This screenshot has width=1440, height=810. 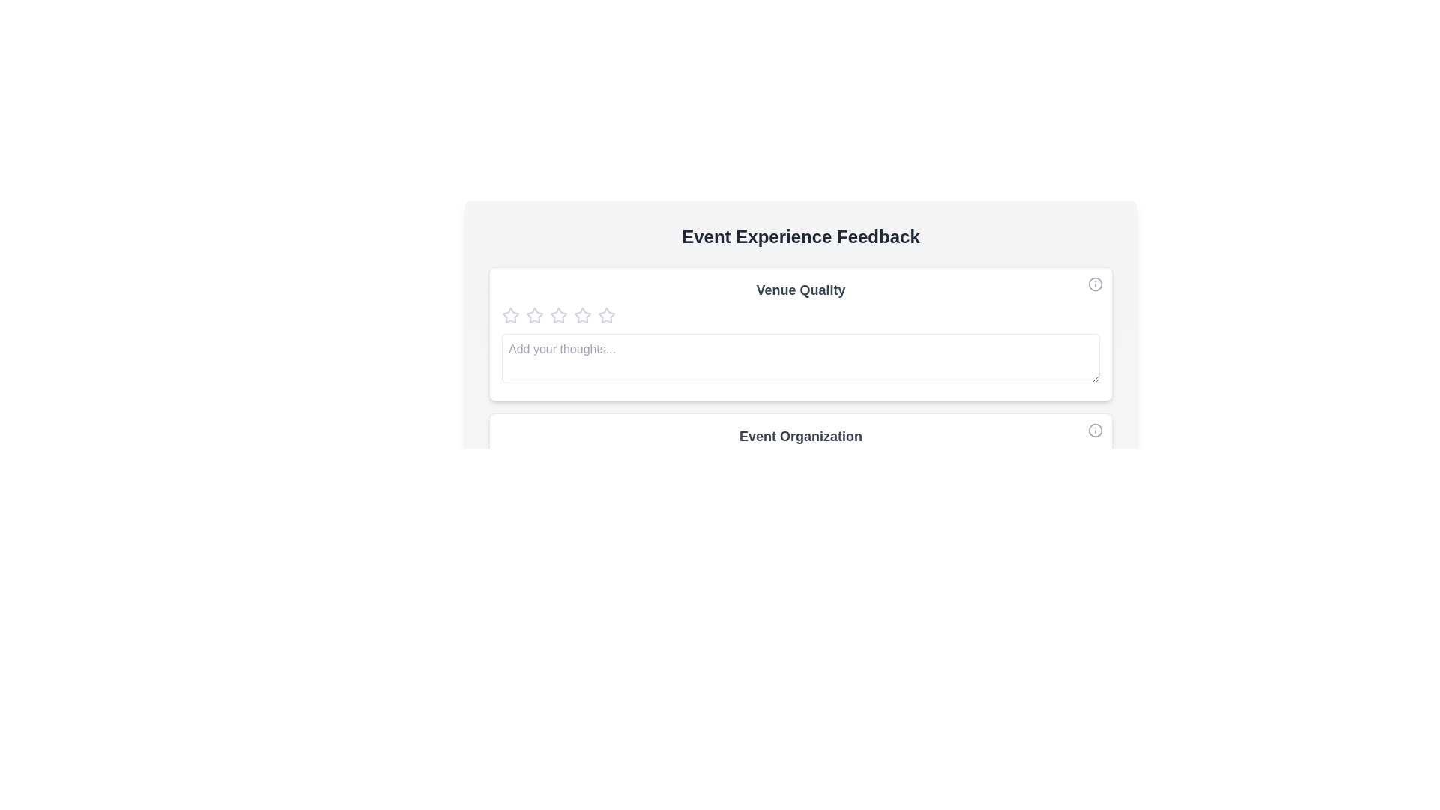 I want to click on the information tooltip icon located at the top-right corner of the 'Venue Quality' section, so click(x=1095, y=283).